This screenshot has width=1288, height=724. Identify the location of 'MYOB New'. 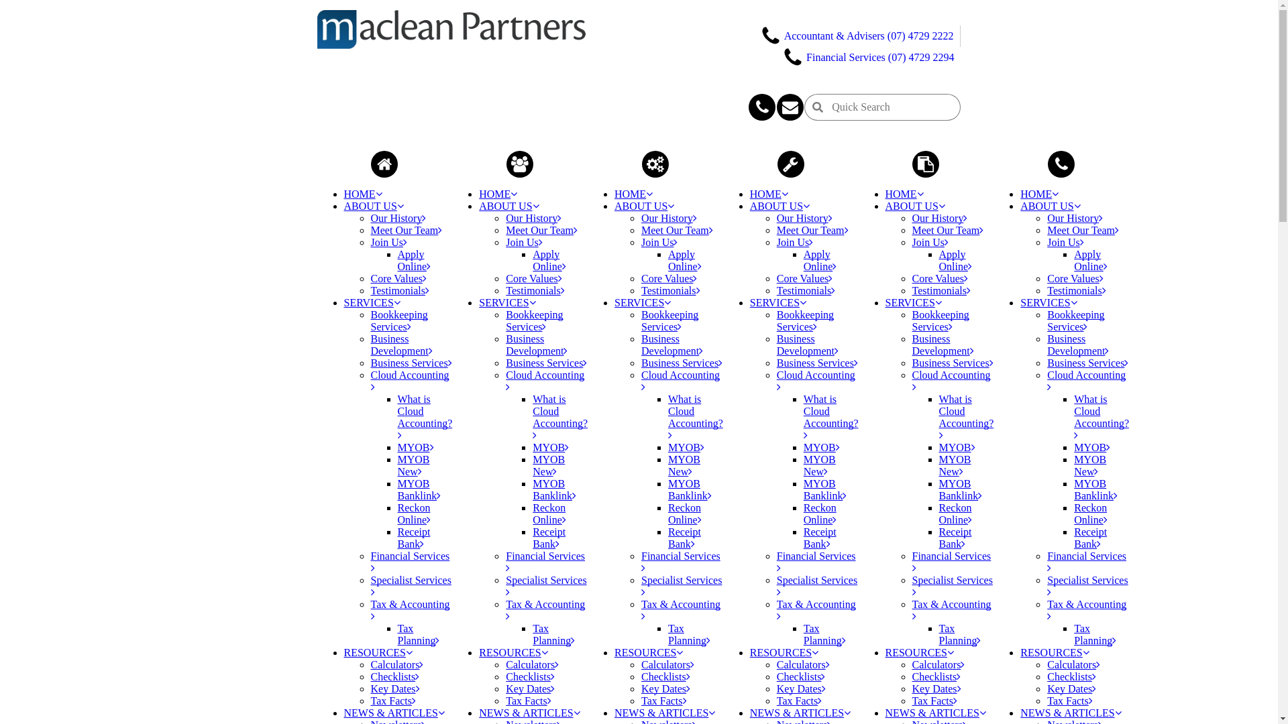
(412, 465).